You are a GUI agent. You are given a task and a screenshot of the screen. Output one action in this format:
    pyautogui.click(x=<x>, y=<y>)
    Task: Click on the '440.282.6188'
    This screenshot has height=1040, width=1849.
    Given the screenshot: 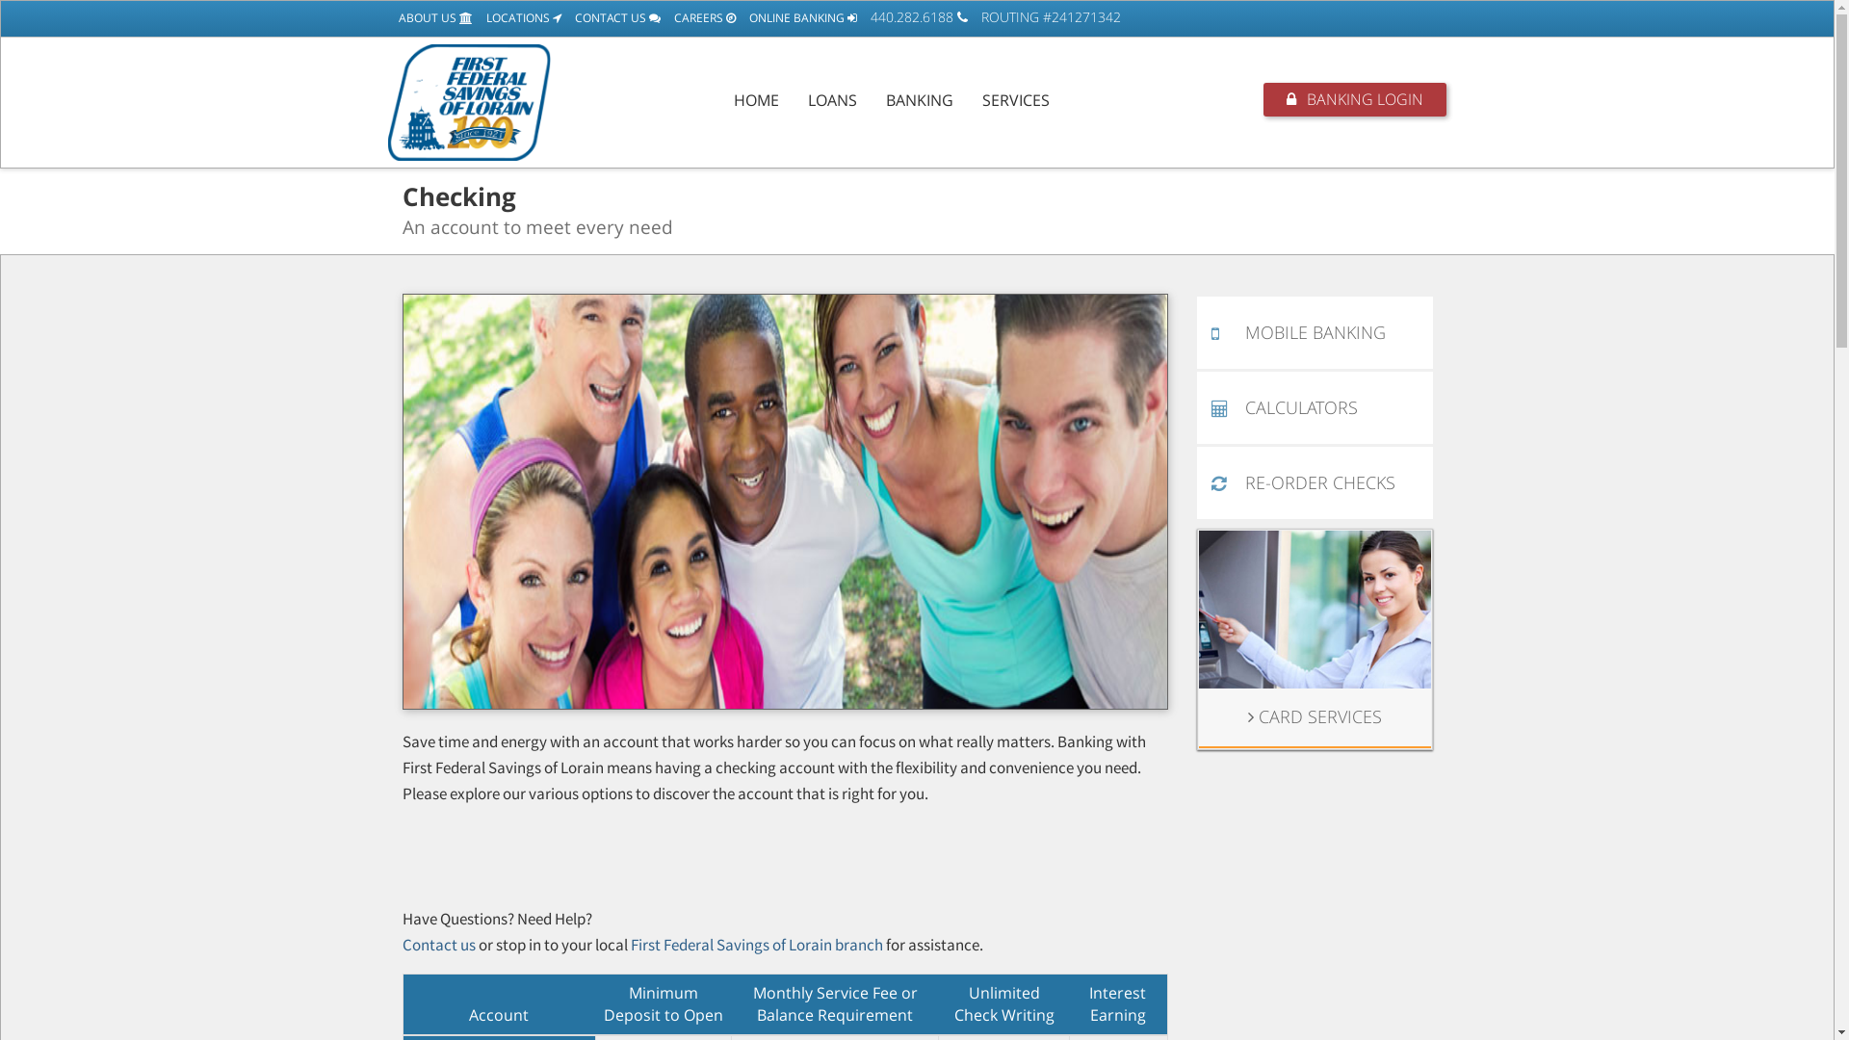 What is the action you would take?
    pyautogui.click(x=912, y=16)
    